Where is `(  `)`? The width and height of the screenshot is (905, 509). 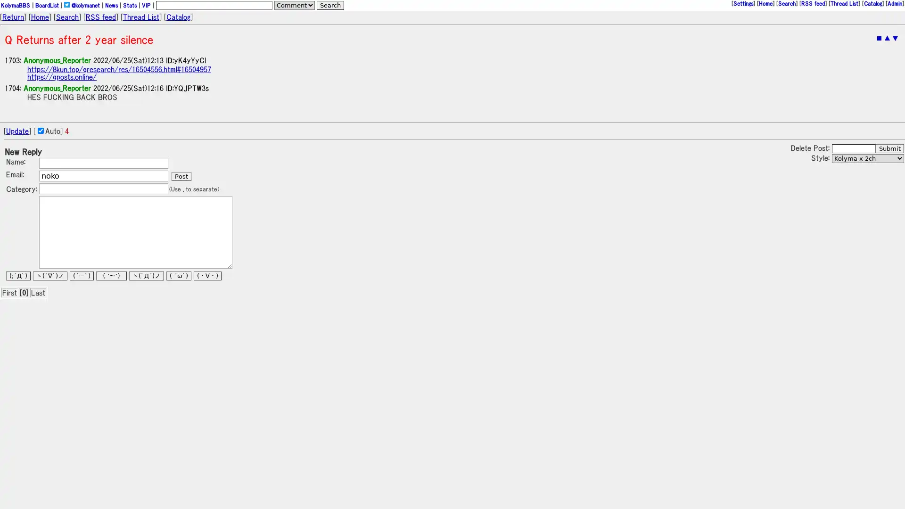
(  `) is located at coordinates (179, 276).